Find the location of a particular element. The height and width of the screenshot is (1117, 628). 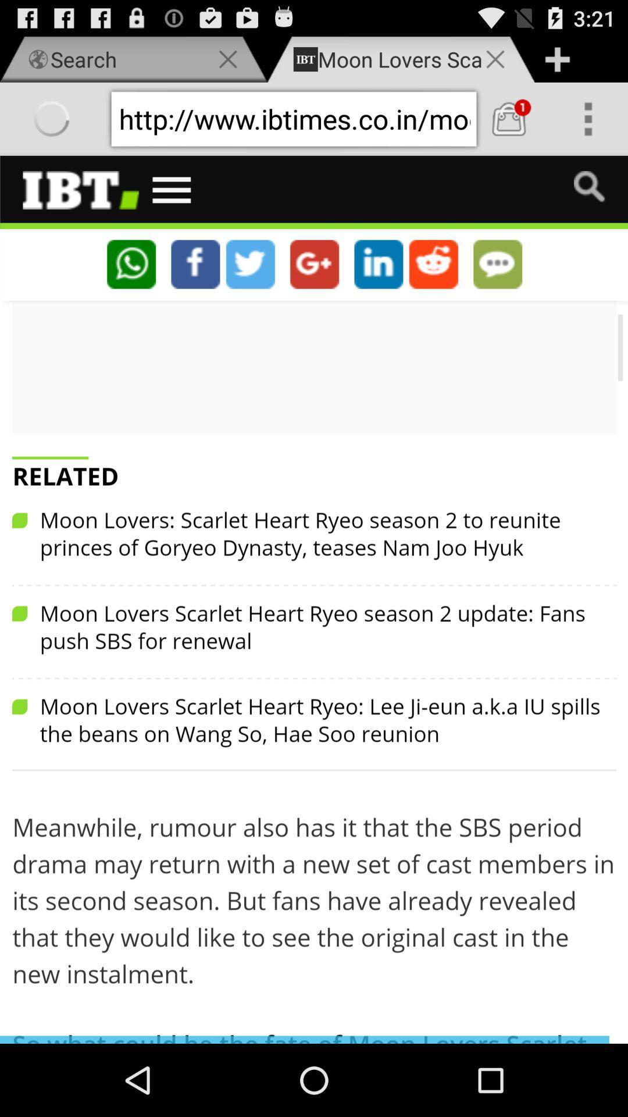

show more options is located at coordinates (588, 119).